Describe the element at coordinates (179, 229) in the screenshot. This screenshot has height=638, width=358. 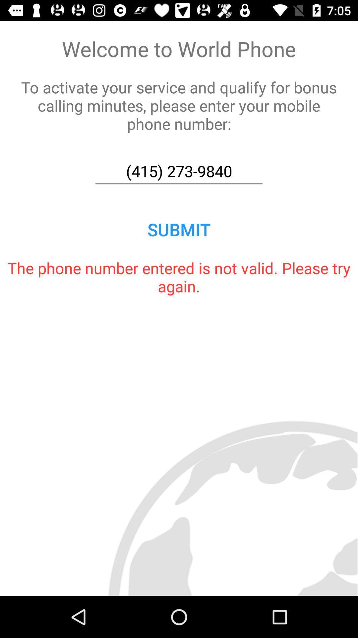
I see `the submit` at that location.